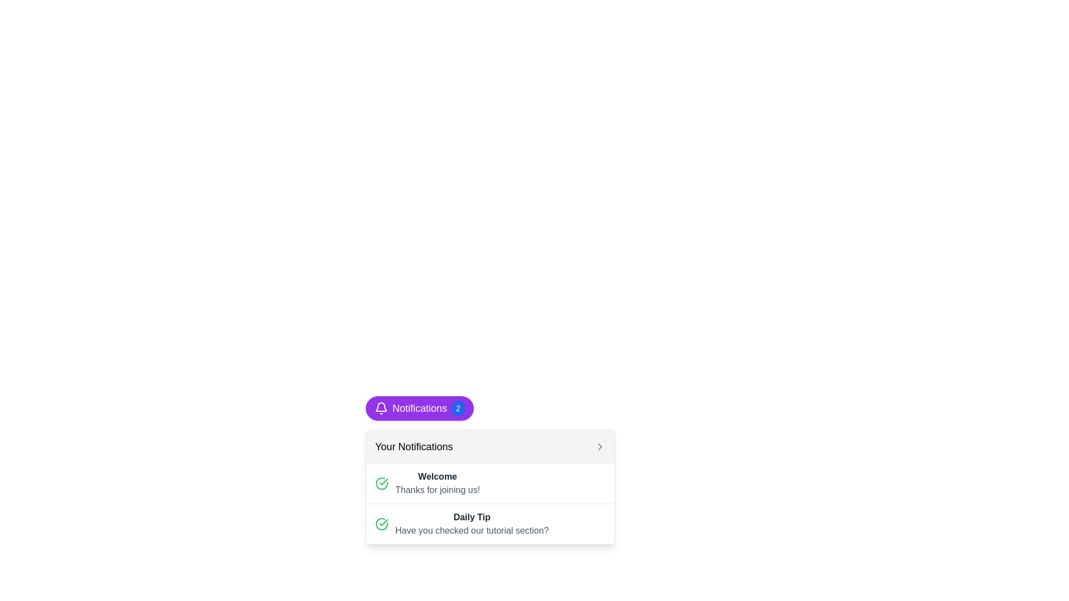  I want to click on the circular icon with a green outline and checkmark, which indicates success or completion, located in the notification item titled 'Daily Tip', so click(382, 524).